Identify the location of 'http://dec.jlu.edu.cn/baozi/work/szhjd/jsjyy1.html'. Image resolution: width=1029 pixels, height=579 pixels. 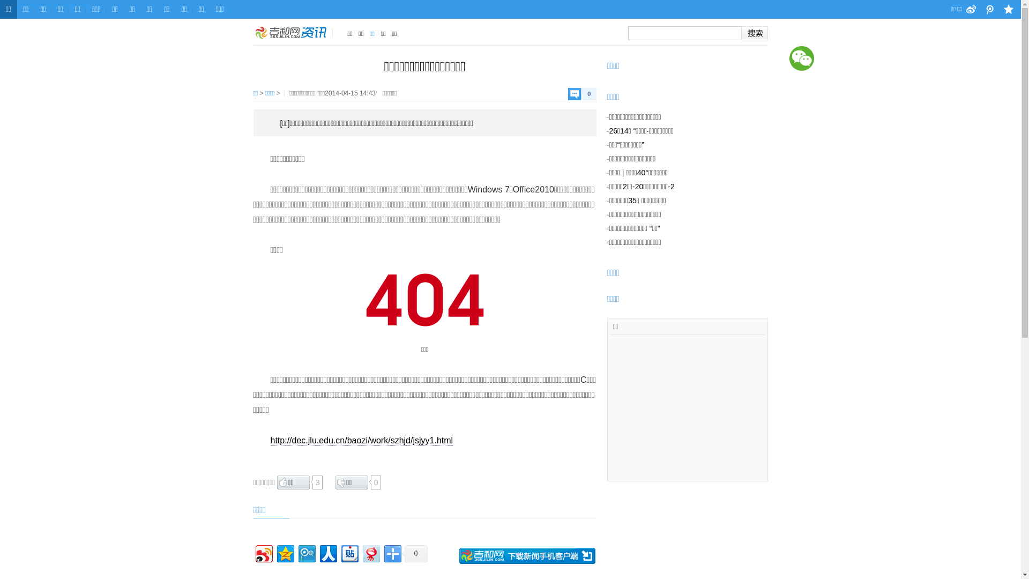
(361, 440).